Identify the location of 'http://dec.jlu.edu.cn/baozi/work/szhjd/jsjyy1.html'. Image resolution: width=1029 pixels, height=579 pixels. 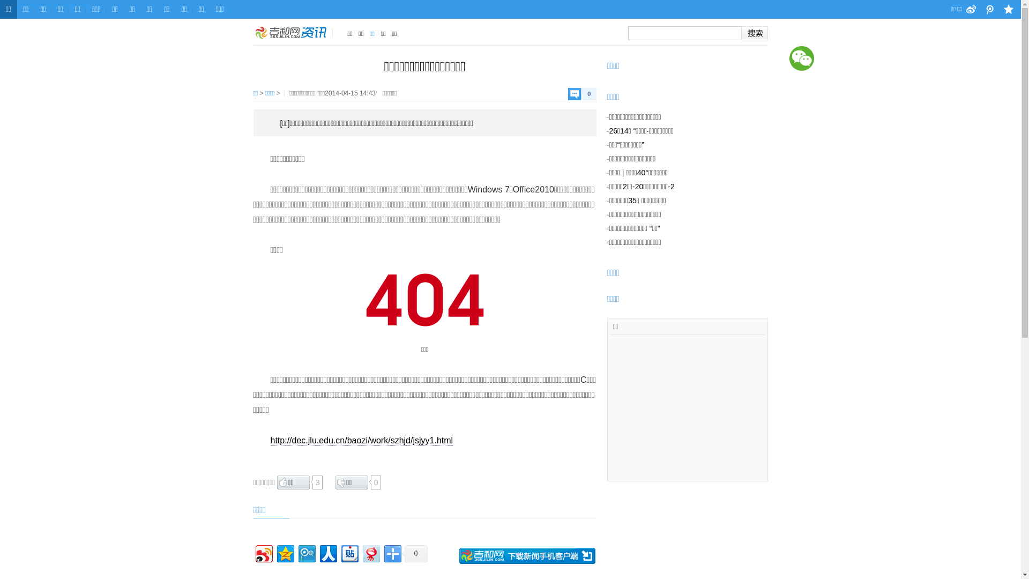
(361, 440).